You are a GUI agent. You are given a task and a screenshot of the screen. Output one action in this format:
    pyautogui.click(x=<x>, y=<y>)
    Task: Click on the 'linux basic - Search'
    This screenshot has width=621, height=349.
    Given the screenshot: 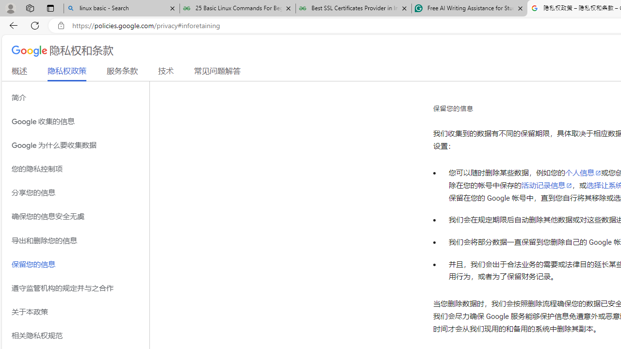 What is the action you would take?
    pyautogui.click(x=121, y=8)
    